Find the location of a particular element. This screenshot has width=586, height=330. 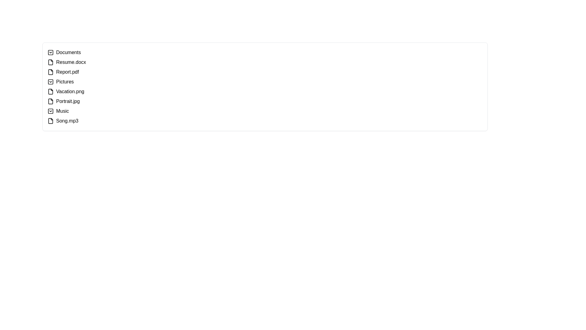

the SVG icon representing a file, which is styled with a white background and black outline, located next to the text 'Resume.docx' is located at coordinates (51, 62).